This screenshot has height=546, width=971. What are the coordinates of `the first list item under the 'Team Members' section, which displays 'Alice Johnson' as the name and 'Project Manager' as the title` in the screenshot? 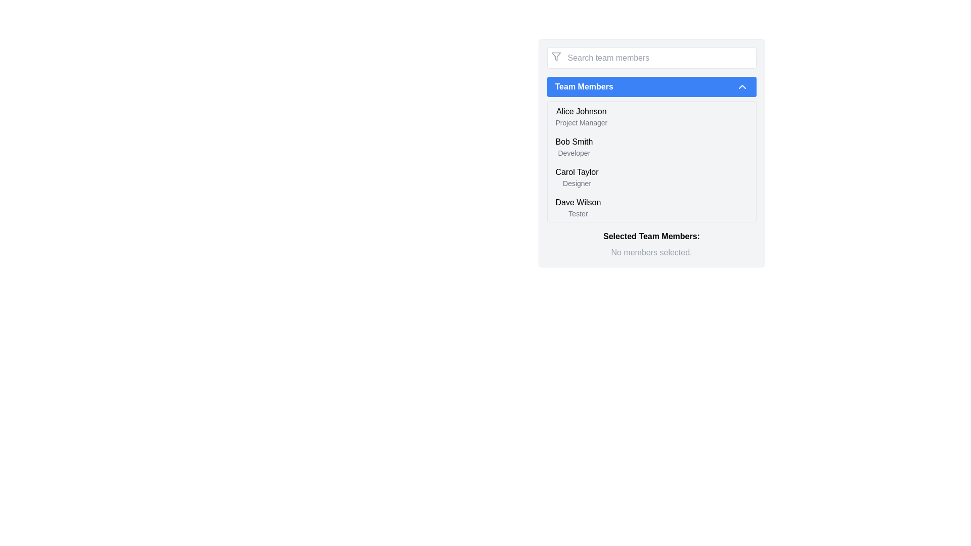 It's located at (581, 116).